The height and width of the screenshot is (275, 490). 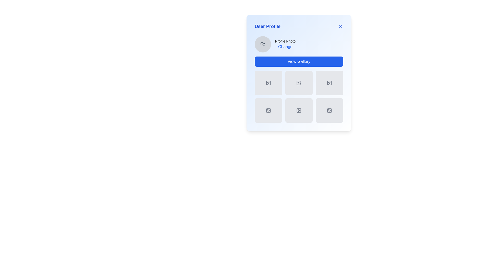 I want to click on the selectable gallery card located, so click(x=299, y=79).